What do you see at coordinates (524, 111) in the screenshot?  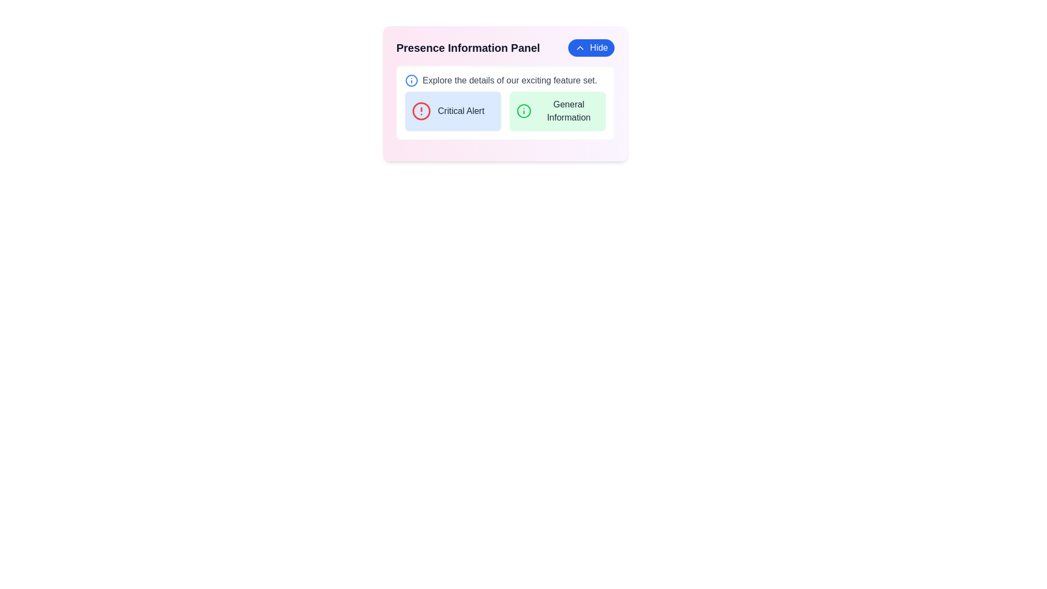 I see `the SVG circle element that represents general or neutral information, located on the right side of the panel labeled 'General Information.'` at bounding box center [524, 111].